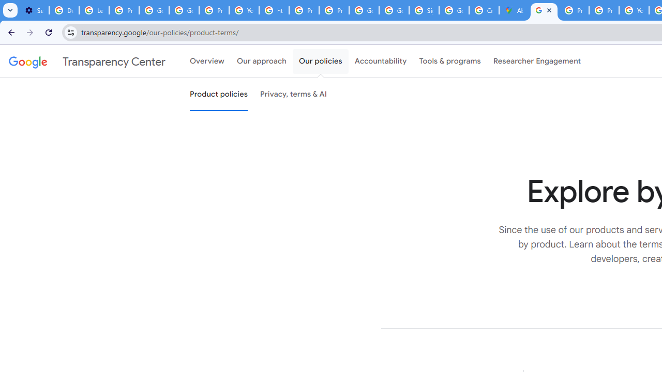 The height and width of the screenshot is (372, 662). I want to click on 'Tools & programs', so click(449, 61).